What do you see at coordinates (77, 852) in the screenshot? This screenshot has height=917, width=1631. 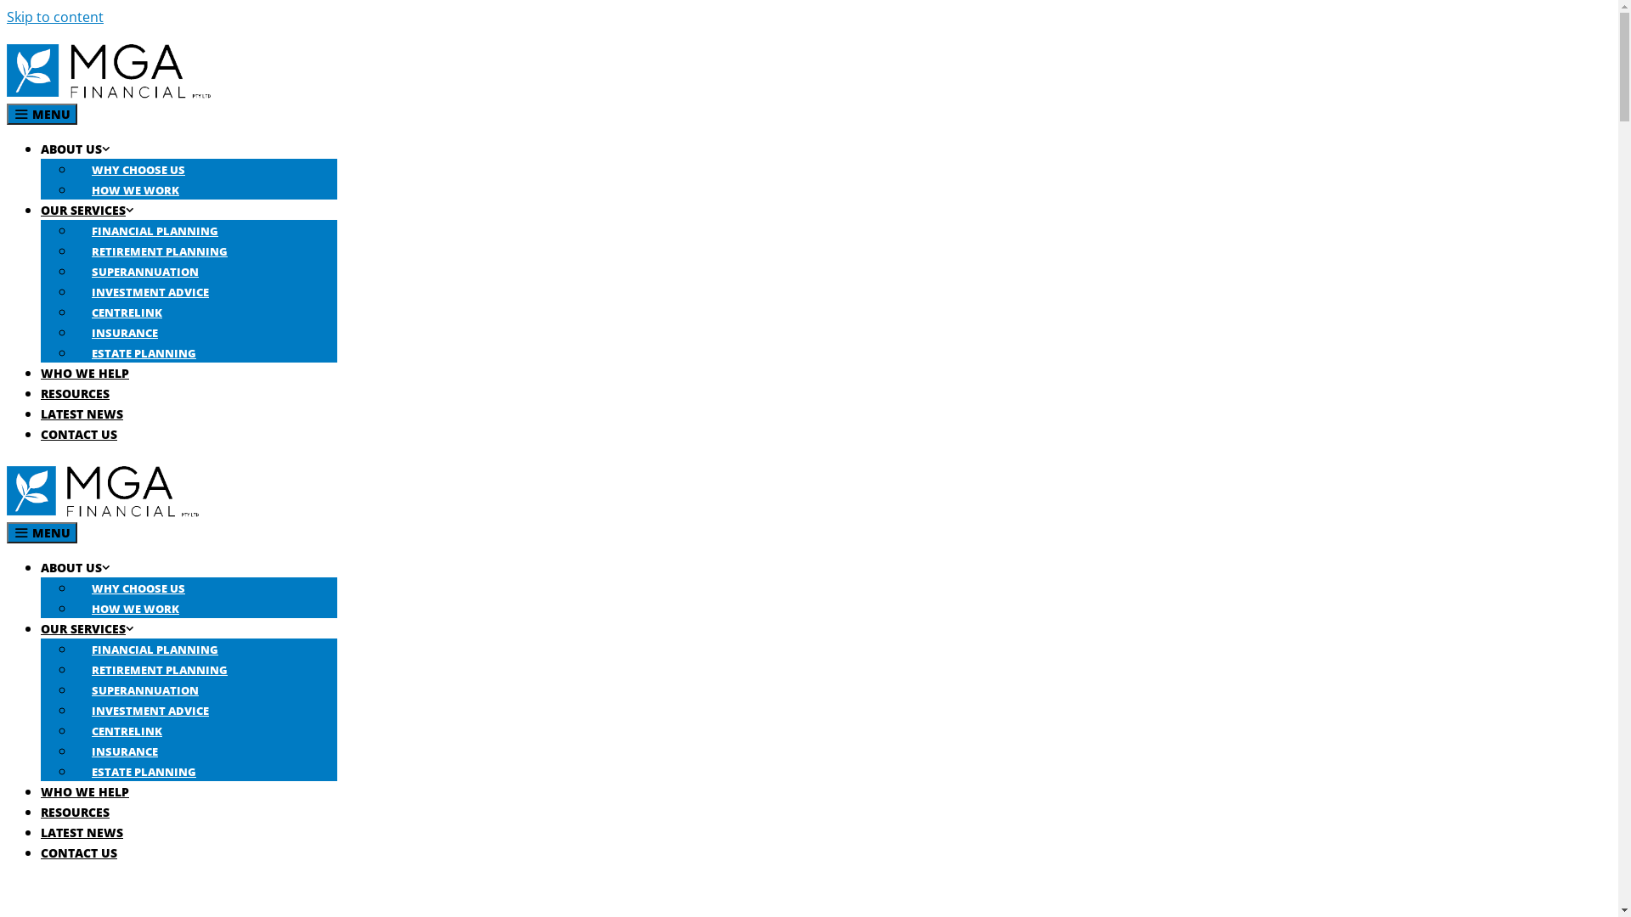 I see `'CONTACT US'` at bounding box center [77, 852].